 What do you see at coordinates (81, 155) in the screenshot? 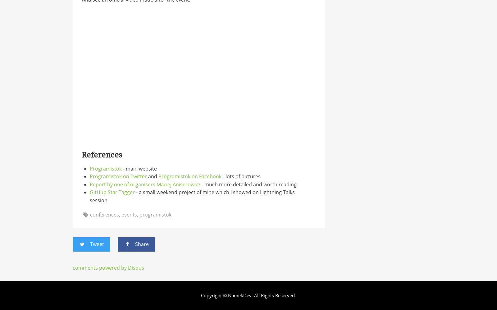
I see `'References'` at bounding box center [81, 155].